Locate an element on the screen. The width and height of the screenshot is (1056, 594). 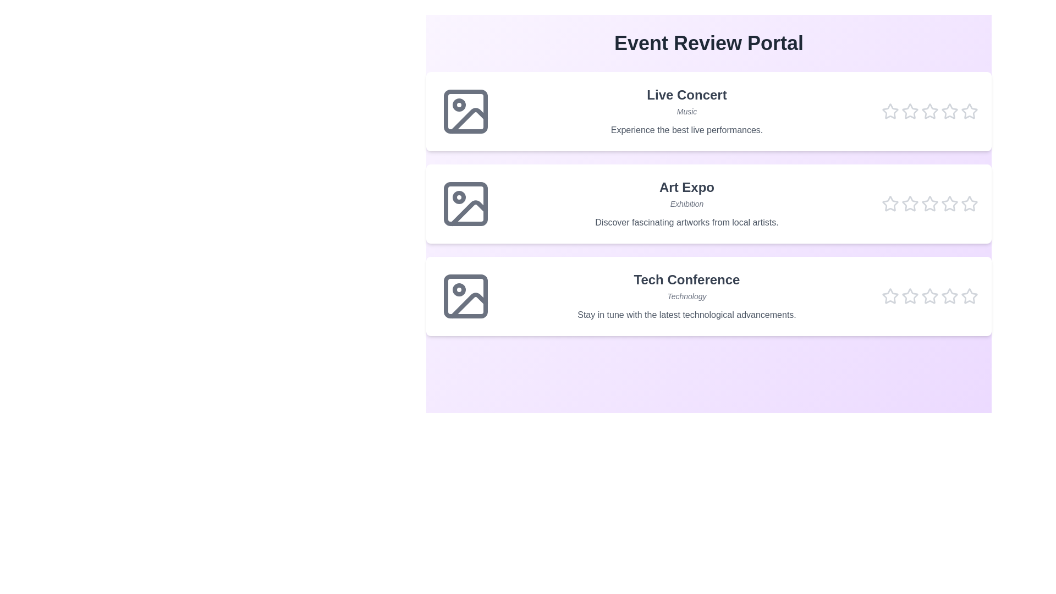
the star corresponding to the rating 2 for the event Tech Conference is located at coordinates (910, 296).